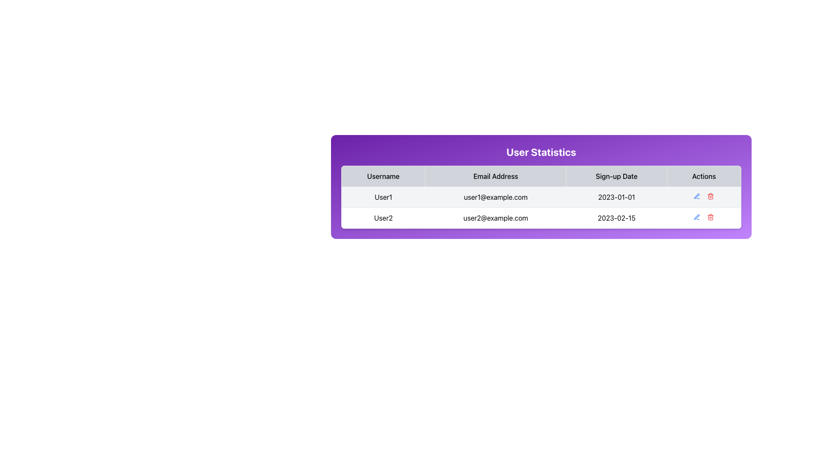 Image resolution: width=819 pixels, height=460 pixels. Describe the element at coordinates (540, 207) in the screenshot. I see `the first data row in the user information table to highlight it` at that location.